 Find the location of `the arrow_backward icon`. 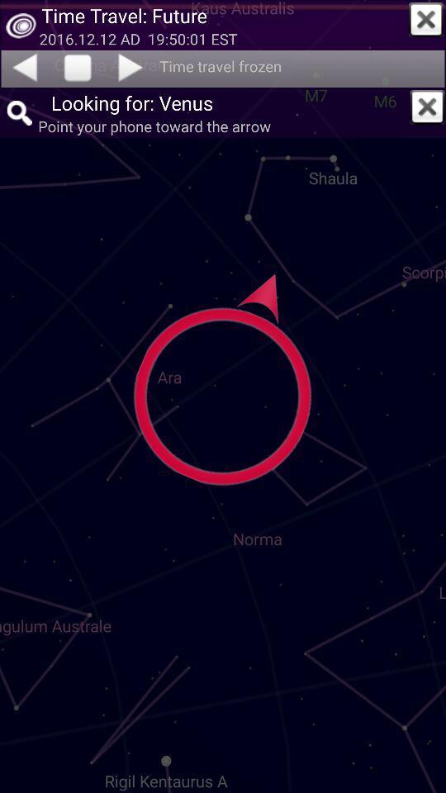

the arrow_backward icon is located at coordinates (23, 67).